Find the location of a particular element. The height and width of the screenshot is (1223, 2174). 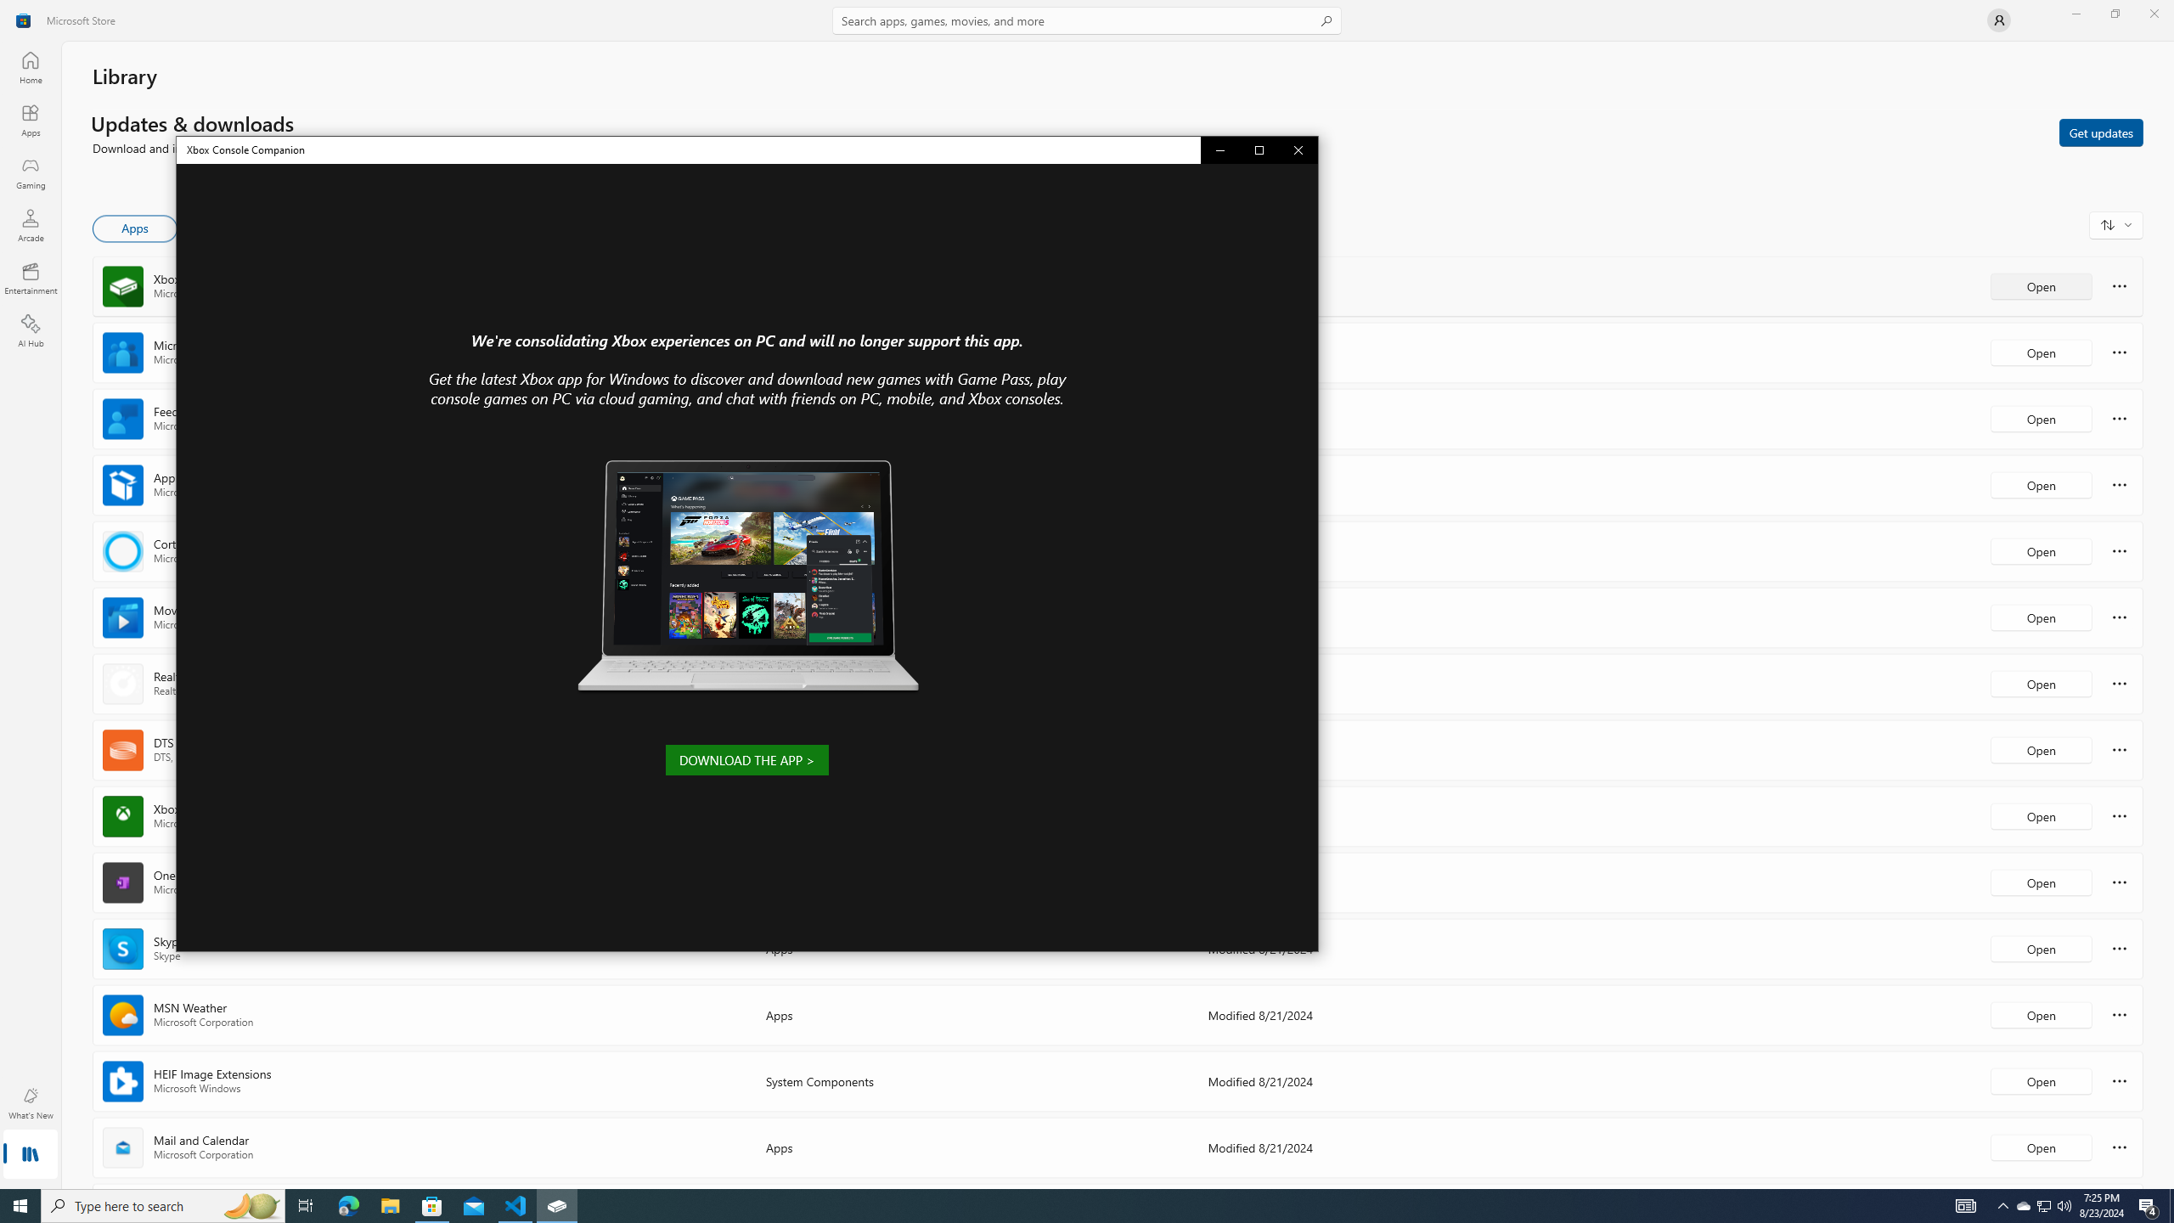

'Close Xbox Console Companion' is located at coordinates (1298, 149).